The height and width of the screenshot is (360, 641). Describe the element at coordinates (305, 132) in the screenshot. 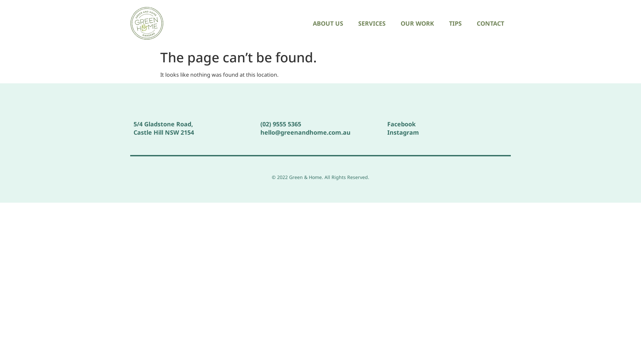

I see `'hello@greenandhome.com.au'` at that location.